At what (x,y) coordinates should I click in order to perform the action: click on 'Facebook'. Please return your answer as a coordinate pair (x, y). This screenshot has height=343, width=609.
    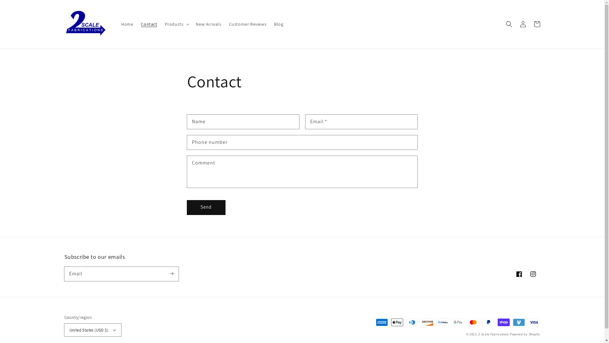
    Looking at the image, I should click on (519, 274).